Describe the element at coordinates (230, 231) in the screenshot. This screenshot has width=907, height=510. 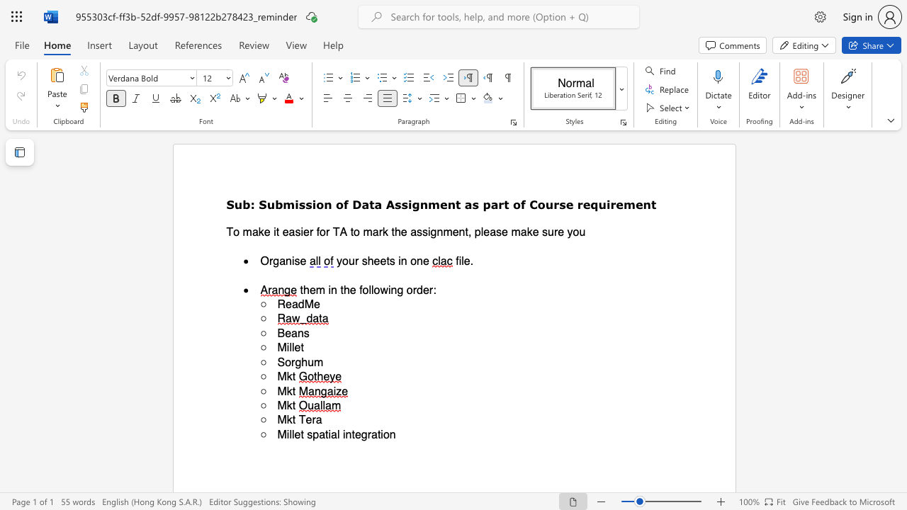
I see `the 1th character "T" in the text` at that location.